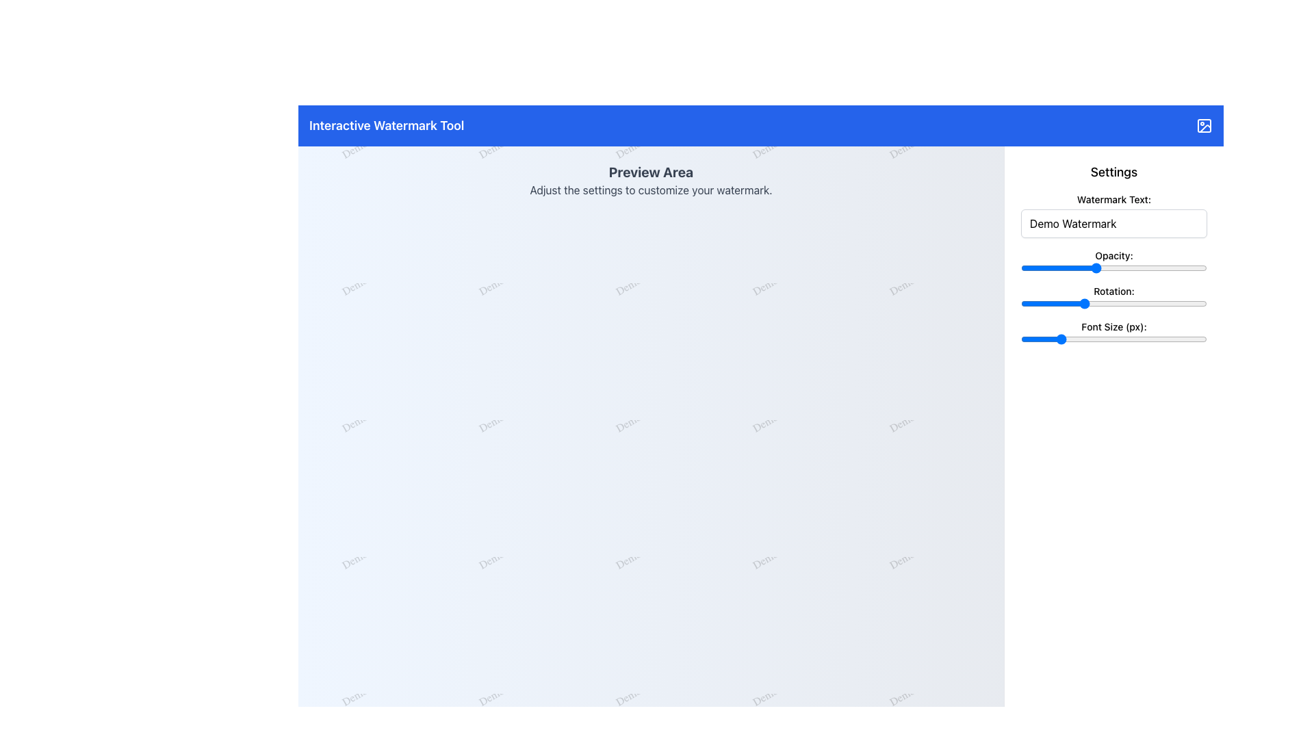 This screenshot has height=739, width=1314. Describe the element at coordinates (1045, 302) in the screenshot. I see `the rotation value of the slider` at that location.